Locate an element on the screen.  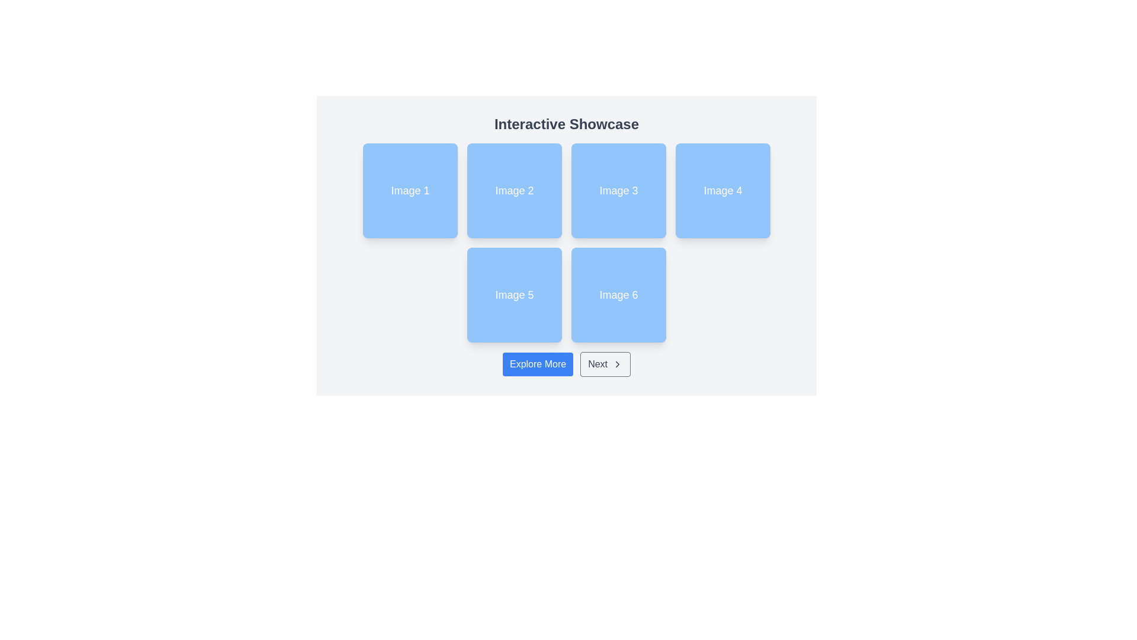
text label 'Interactive Showcase' which is displayed prominently at the top of the layout in a large, bold, medium-dark gray font is located at coordinates (566, 124).